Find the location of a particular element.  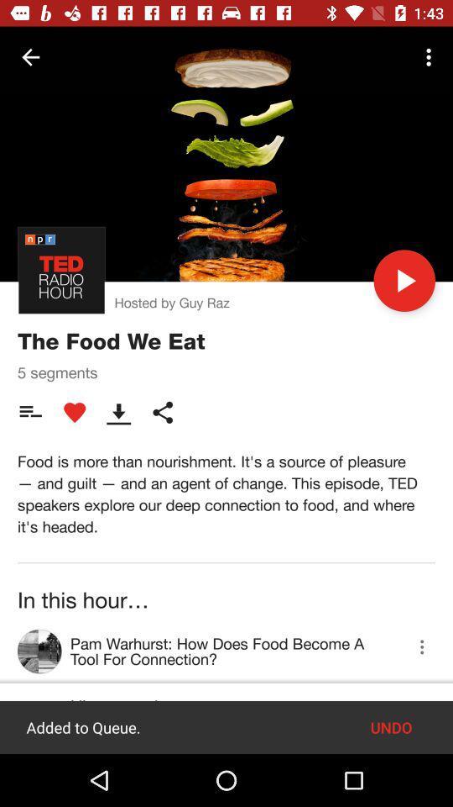

the play icon is located at coordinates (404, 281).